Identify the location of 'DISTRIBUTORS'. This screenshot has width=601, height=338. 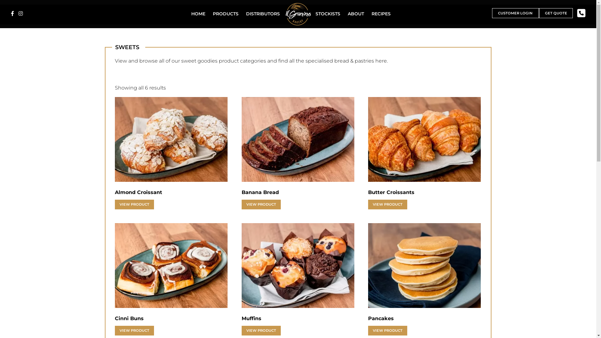
(263, 13).